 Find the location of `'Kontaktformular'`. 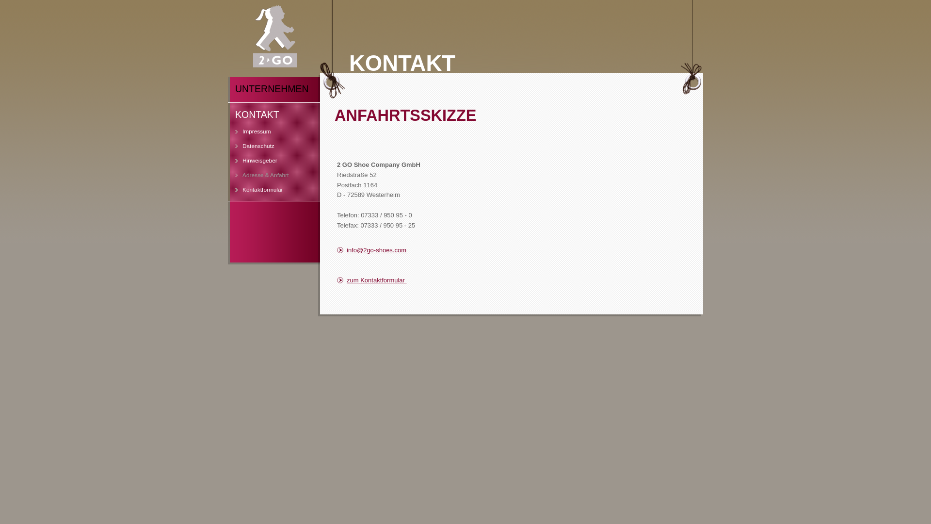

'Kontaktformular' is located at coordinates (227, 193).